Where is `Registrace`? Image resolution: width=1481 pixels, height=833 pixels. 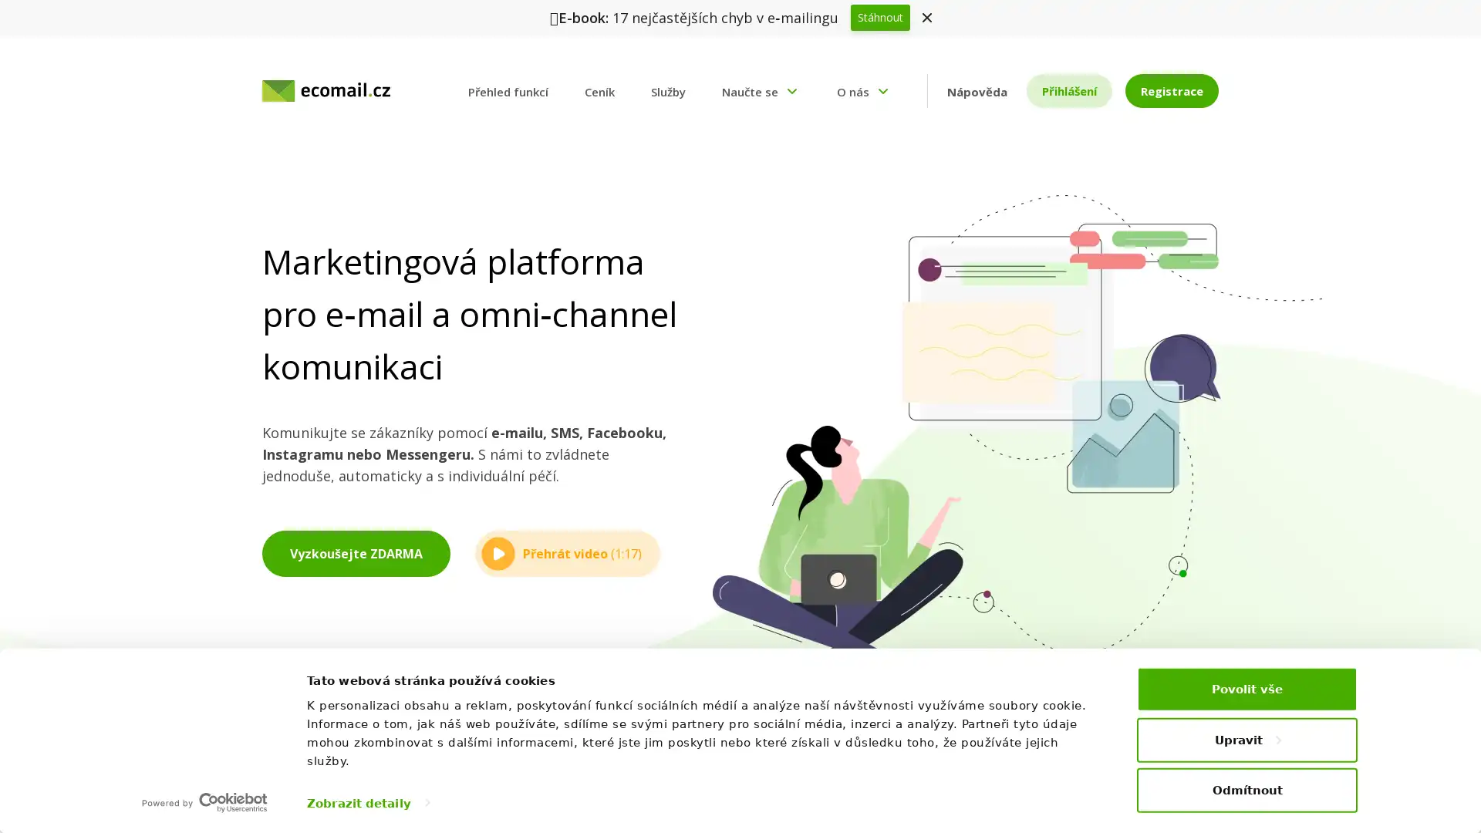 Registrace is located at coordinates (1171, 91).